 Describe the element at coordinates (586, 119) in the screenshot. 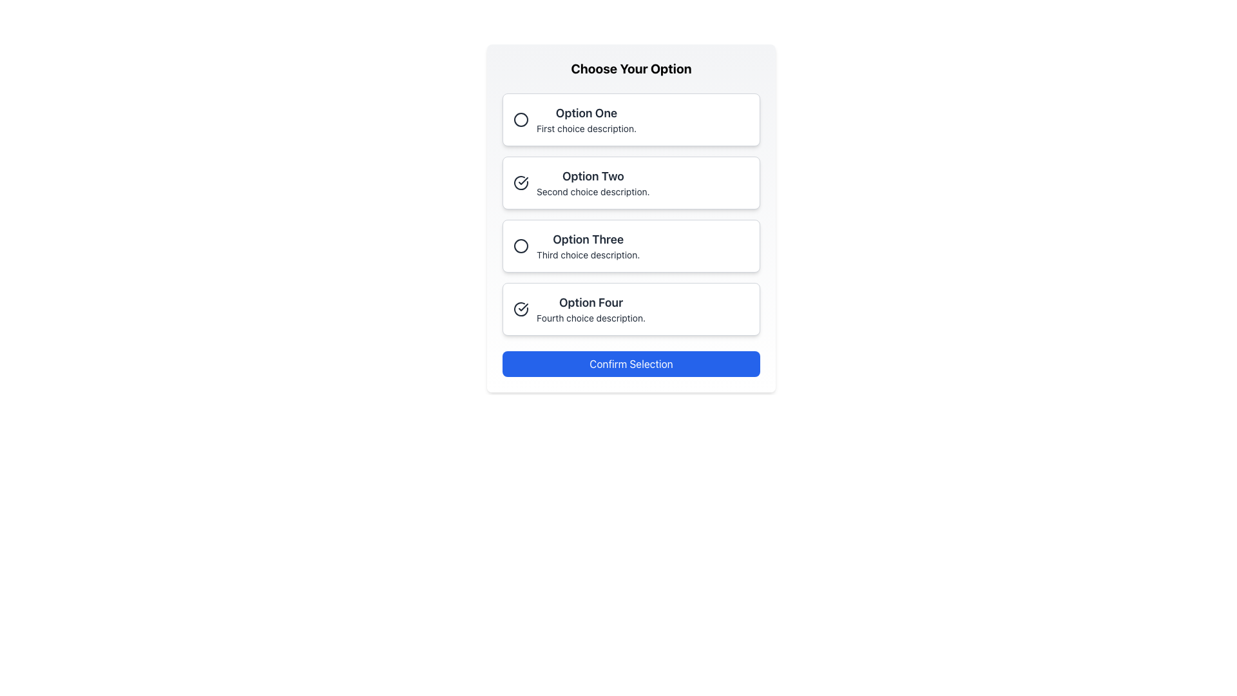

I see `the text label that displays the first selectable option in the list, located at the top of a vertical list within a white panel labeled 'Choose Your Option.'` at that location.